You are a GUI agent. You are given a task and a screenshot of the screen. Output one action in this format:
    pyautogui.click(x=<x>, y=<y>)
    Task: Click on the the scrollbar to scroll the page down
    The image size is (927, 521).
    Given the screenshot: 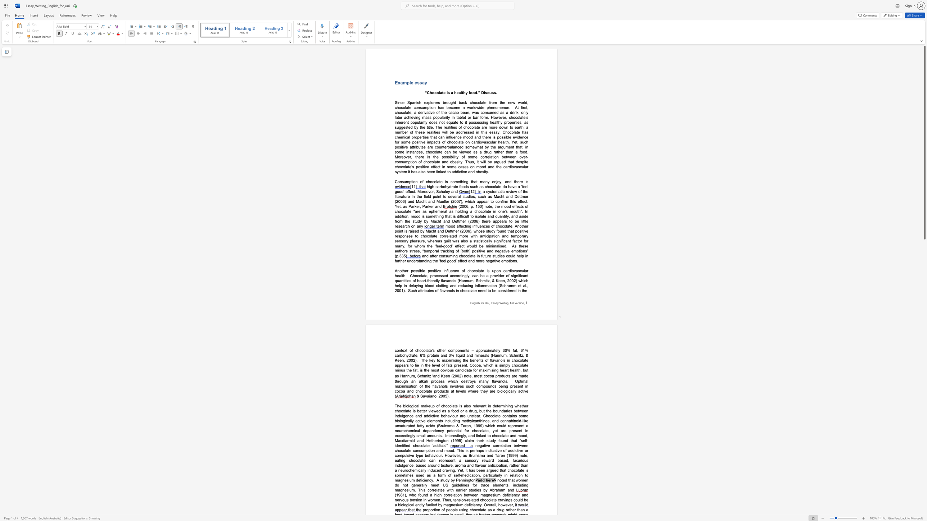 What is the action you would take?
    pyautogui.click(x=924, y=320)
    